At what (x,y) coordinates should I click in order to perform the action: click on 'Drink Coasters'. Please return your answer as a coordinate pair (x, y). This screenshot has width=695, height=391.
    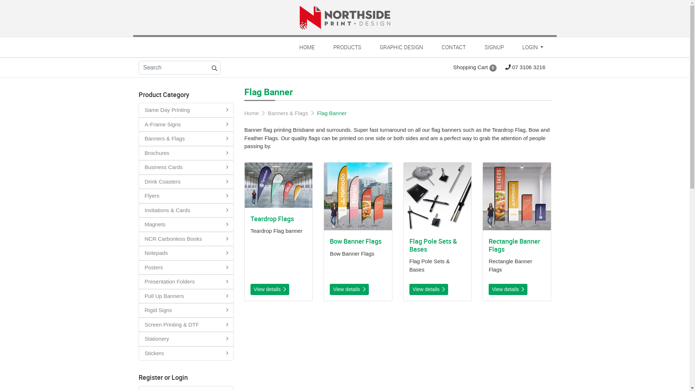
    Looking at the image, I should click on (186, 181).